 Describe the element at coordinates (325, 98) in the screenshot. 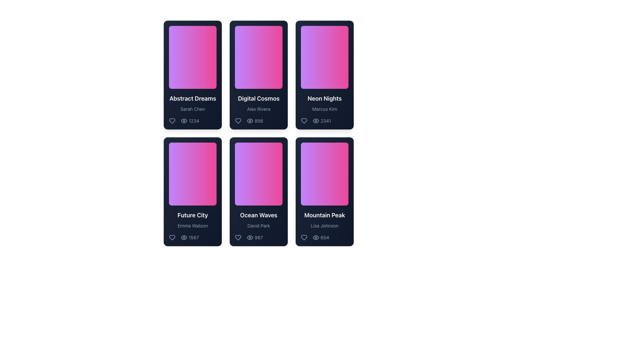

I see `text displayed in the title section of the third card in the first row, located directly below the top visual gradient section and above the subtitle 'Marcus Kim'` at that location.